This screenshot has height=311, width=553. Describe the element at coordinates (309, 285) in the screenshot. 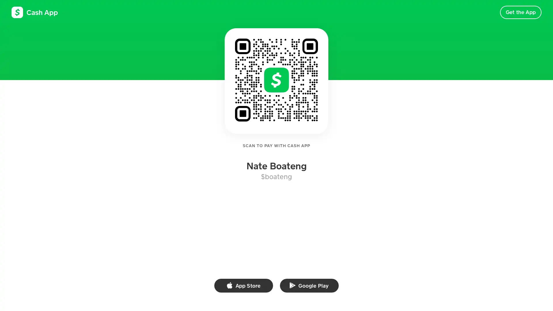

I see `Google Play` at that location.